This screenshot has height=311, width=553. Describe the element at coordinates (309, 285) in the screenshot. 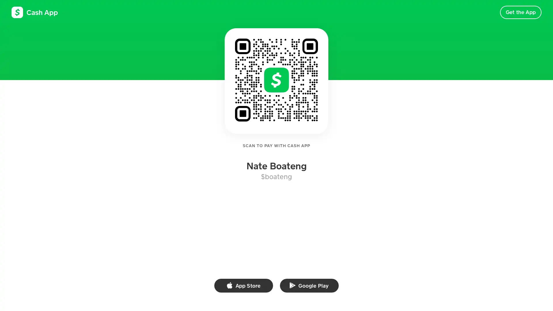

I see `Google Play` at that location.